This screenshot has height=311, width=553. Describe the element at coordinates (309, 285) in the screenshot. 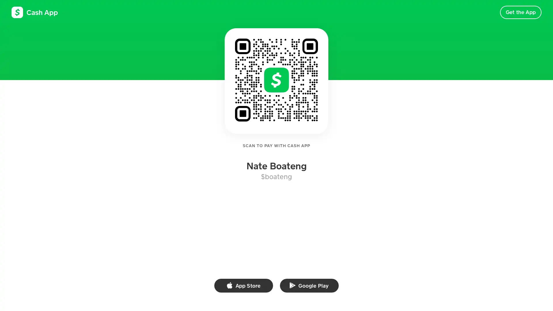

I see `Google Play` at that location.